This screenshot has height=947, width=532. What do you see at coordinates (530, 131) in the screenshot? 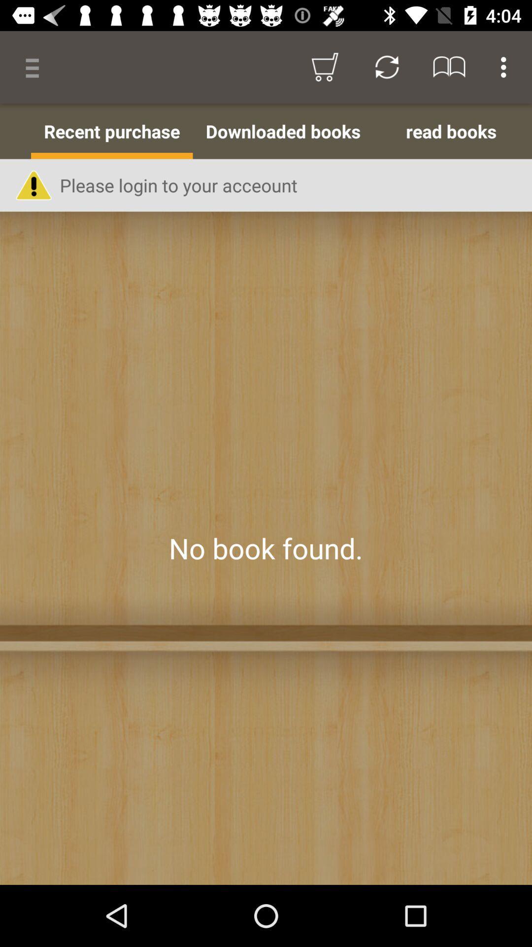
I see `icon to the right of read books icon` at bounding box center [530, 131].